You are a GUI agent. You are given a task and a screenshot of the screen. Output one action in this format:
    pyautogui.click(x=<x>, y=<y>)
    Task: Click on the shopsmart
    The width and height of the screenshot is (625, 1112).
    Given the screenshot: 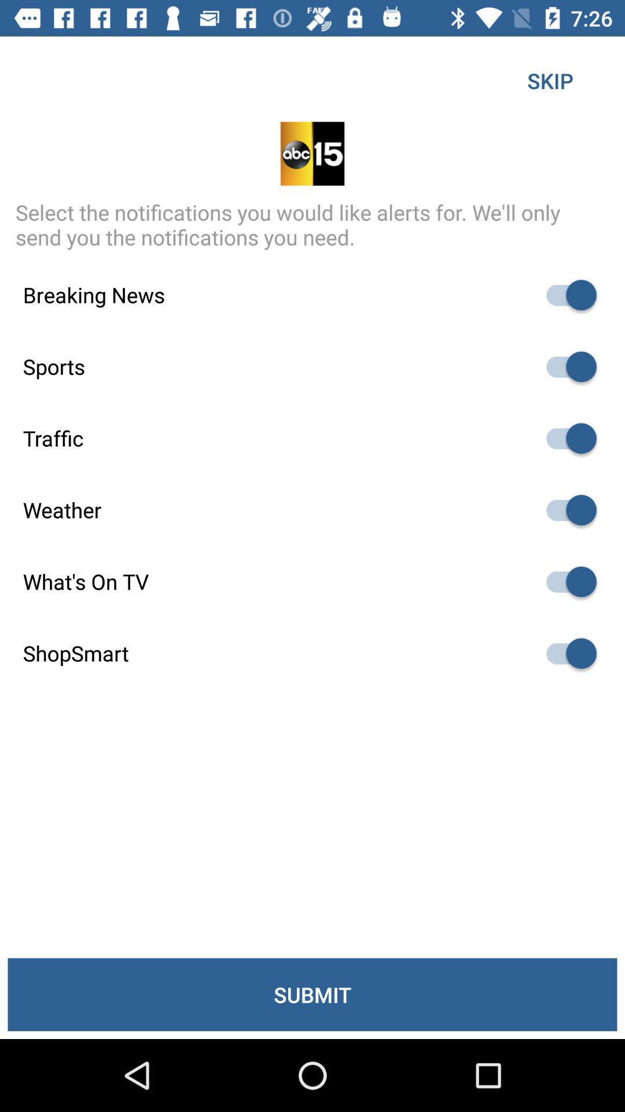 What is the action you would take?
    pyautogui.click(x=565, y=653)
    